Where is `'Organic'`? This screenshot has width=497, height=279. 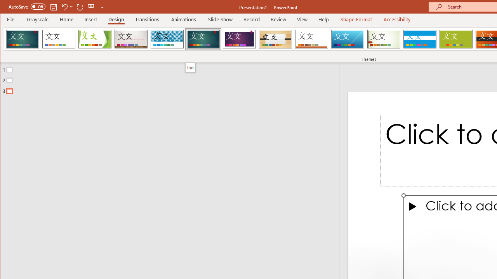
'Organic' is located at coordinates (275, 39).